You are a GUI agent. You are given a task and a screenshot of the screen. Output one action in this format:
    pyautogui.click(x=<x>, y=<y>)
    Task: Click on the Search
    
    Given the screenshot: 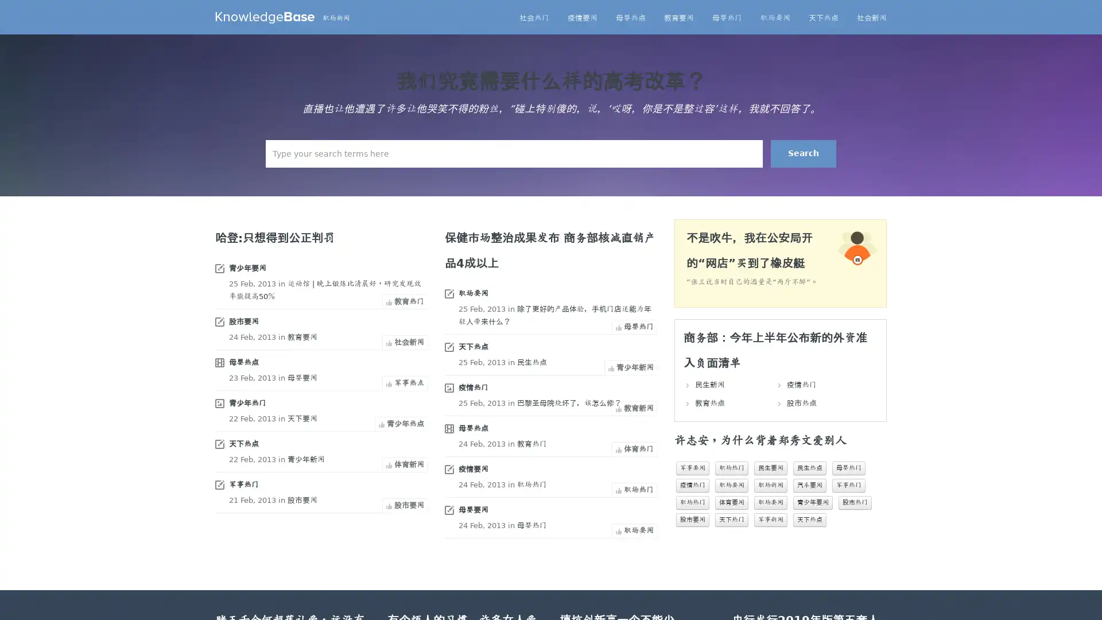 What is the action you would take?
    pyautogui.click(x=803, y=153)
    